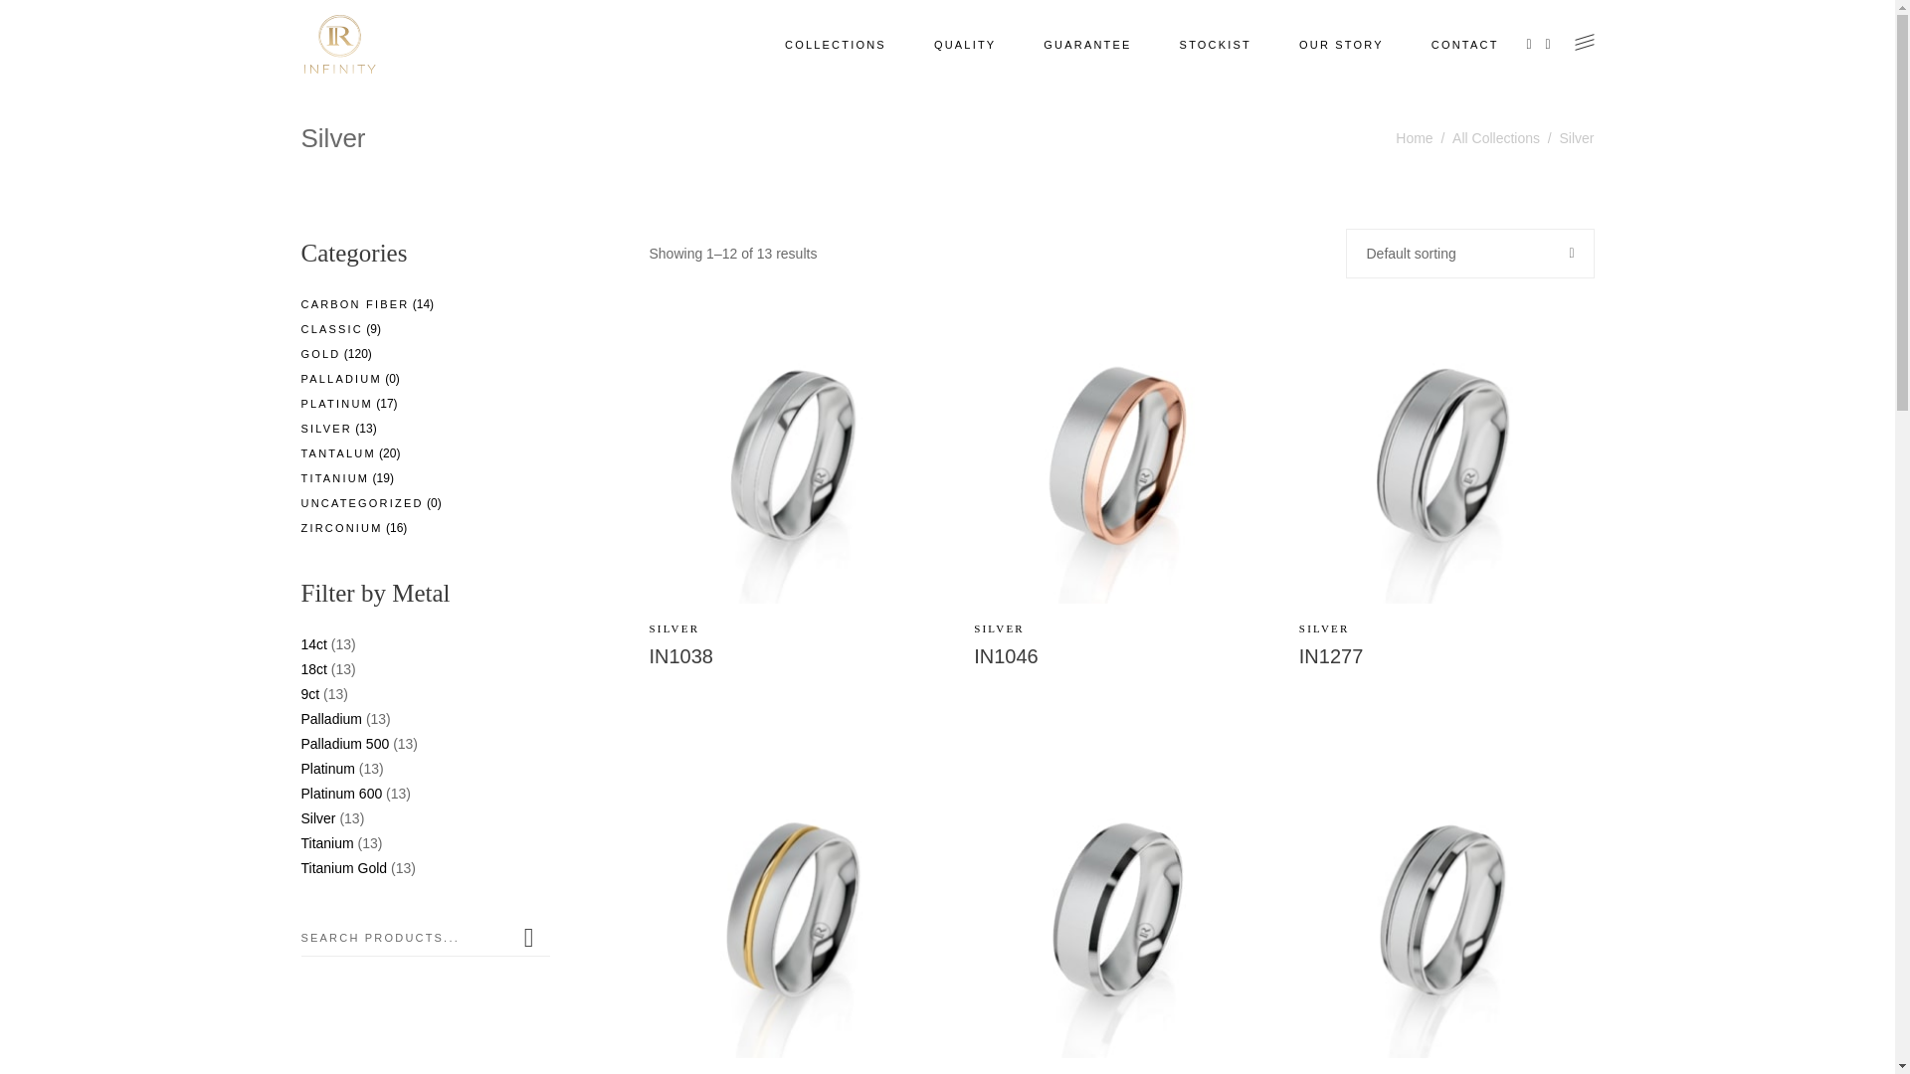 The height and width of the screenshot is (1074, 1910). I want to click on 'Search for:', so click(405, 937).